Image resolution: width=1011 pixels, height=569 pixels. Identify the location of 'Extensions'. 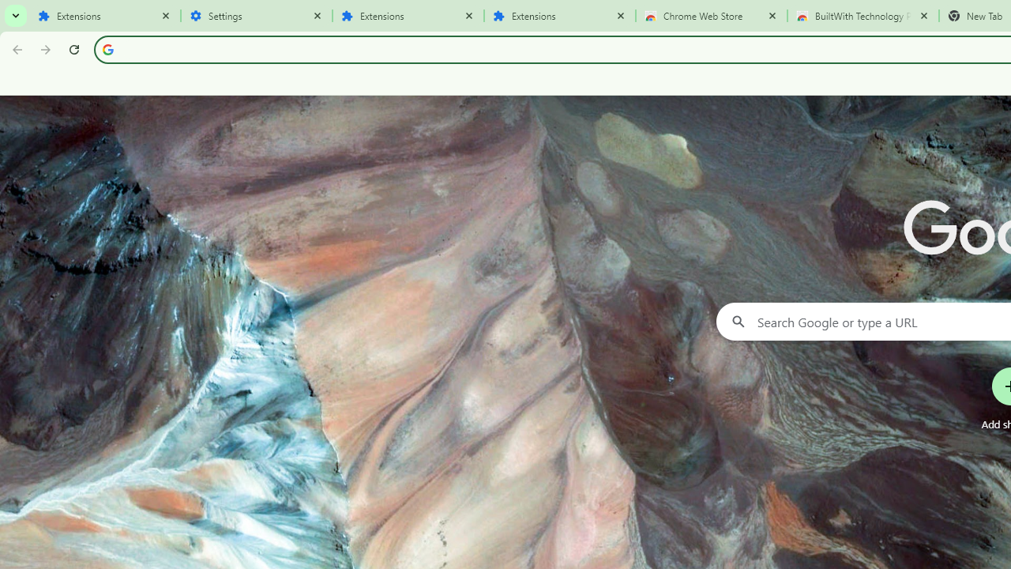
(104, 16).